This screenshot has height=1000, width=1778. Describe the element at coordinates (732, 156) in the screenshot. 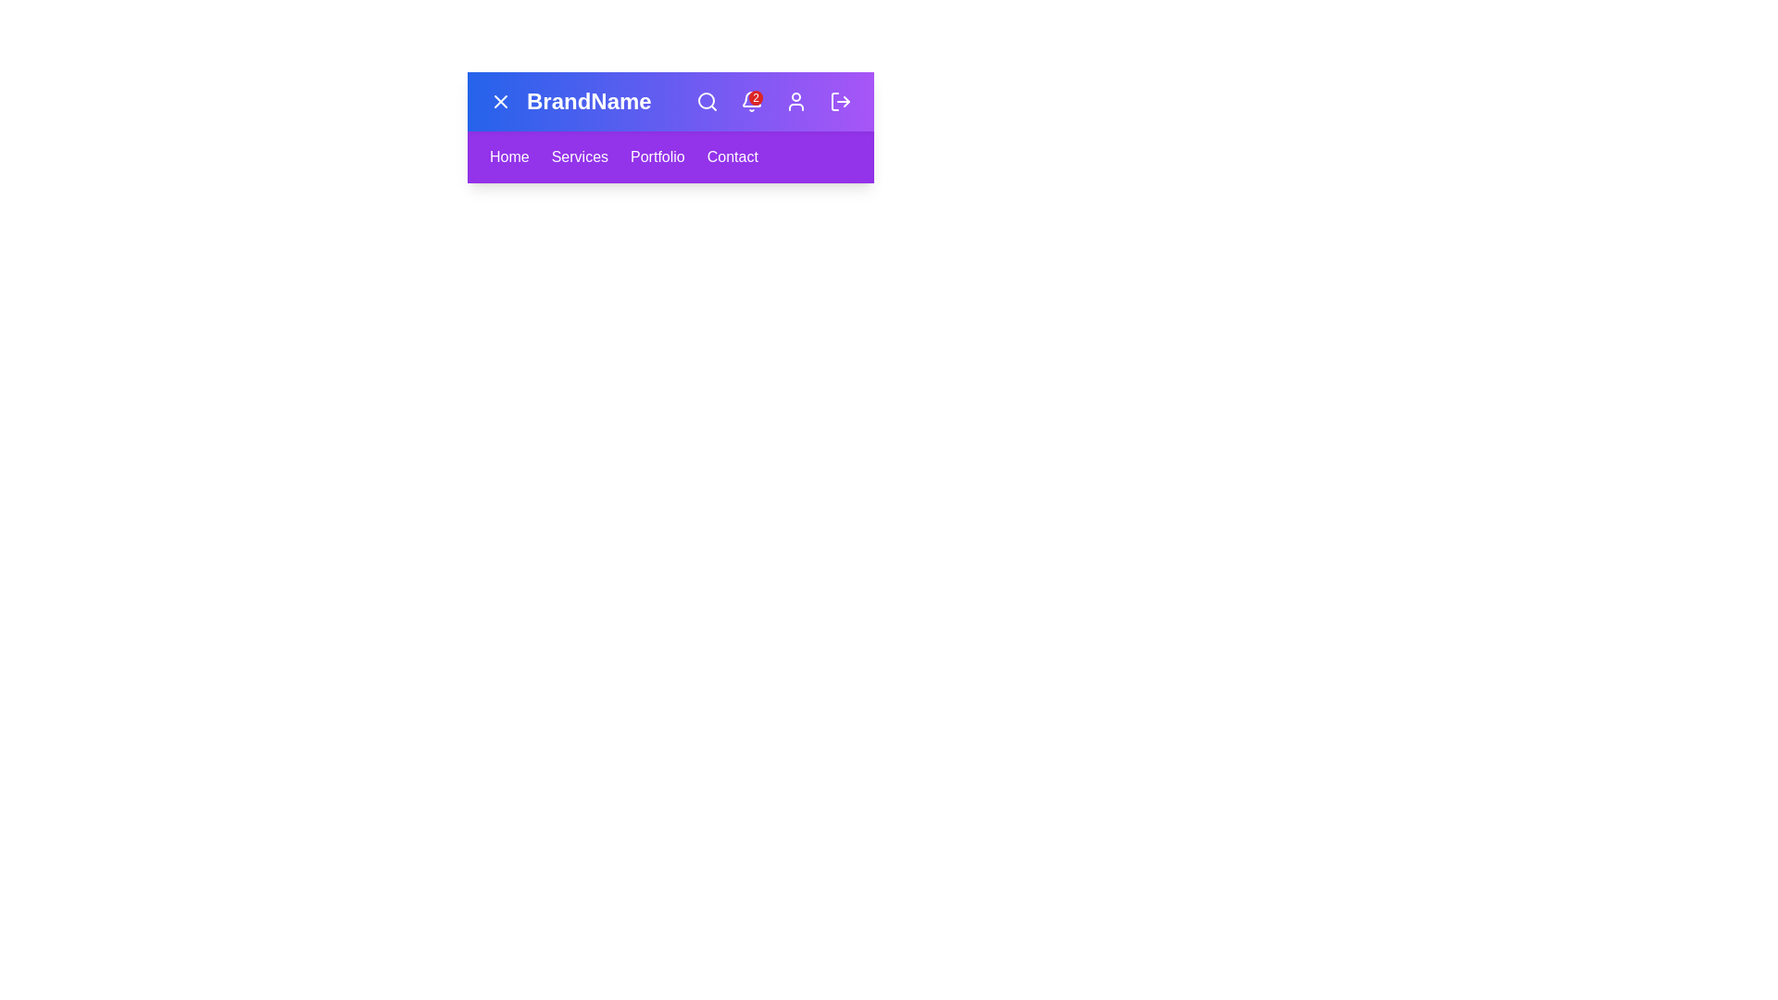

I see `the 'Contact' text label in the navigation bar` at that location.